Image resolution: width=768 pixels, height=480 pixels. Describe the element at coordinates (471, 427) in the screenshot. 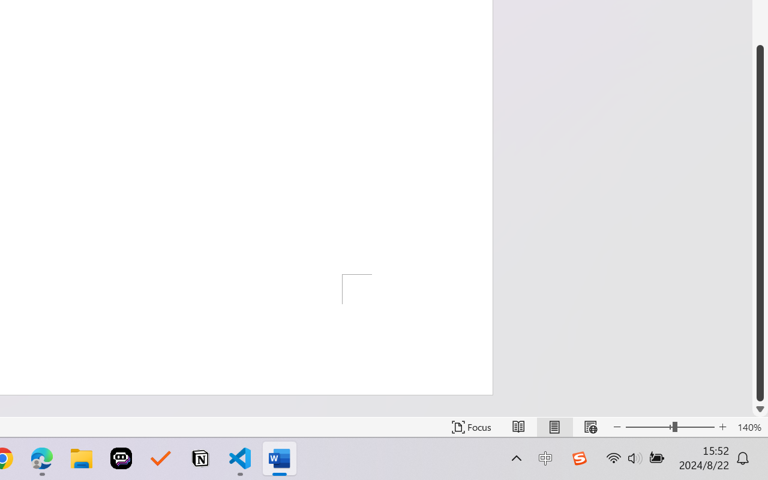

I see `'Focus '` at that location.